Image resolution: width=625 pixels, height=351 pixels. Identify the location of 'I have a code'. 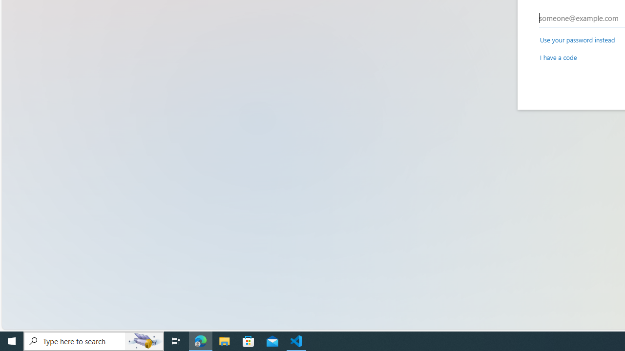
(558, 57).